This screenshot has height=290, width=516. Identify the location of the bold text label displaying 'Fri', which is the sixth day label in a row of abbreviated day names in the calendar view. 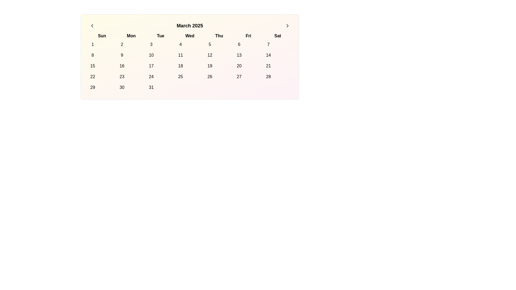
(248, 36).